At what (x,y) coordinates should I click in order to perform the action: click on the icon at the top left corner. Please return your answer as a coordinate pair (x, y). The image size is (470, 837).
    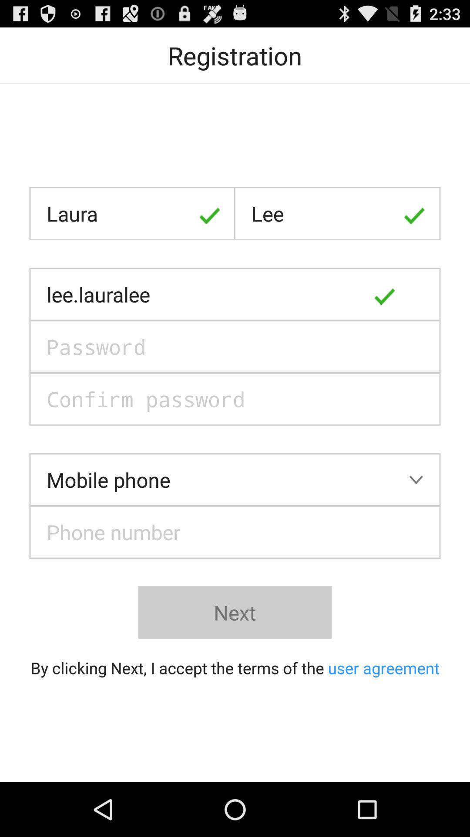
    Looking at the image, I should click on (132, 214).